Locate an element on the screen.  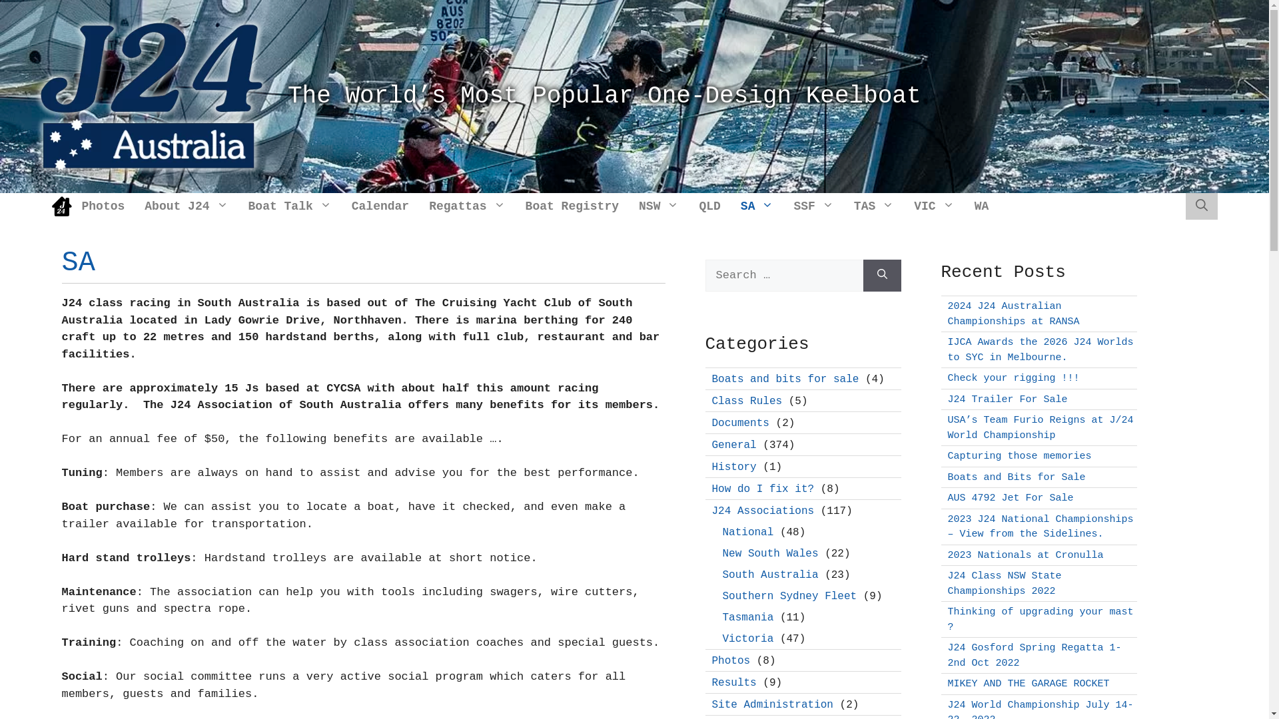
'Photos' is located at coordinates (71, 206).